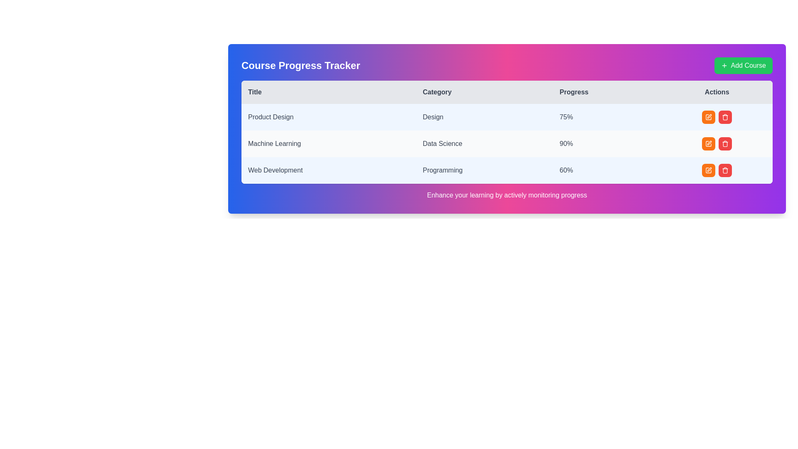 The image size is (798, 449). Describe the element at coordinates (725, 117) in the screenshot. I see `the delete button located in the 'Actions' column for the 'Product Design' course` at that location.